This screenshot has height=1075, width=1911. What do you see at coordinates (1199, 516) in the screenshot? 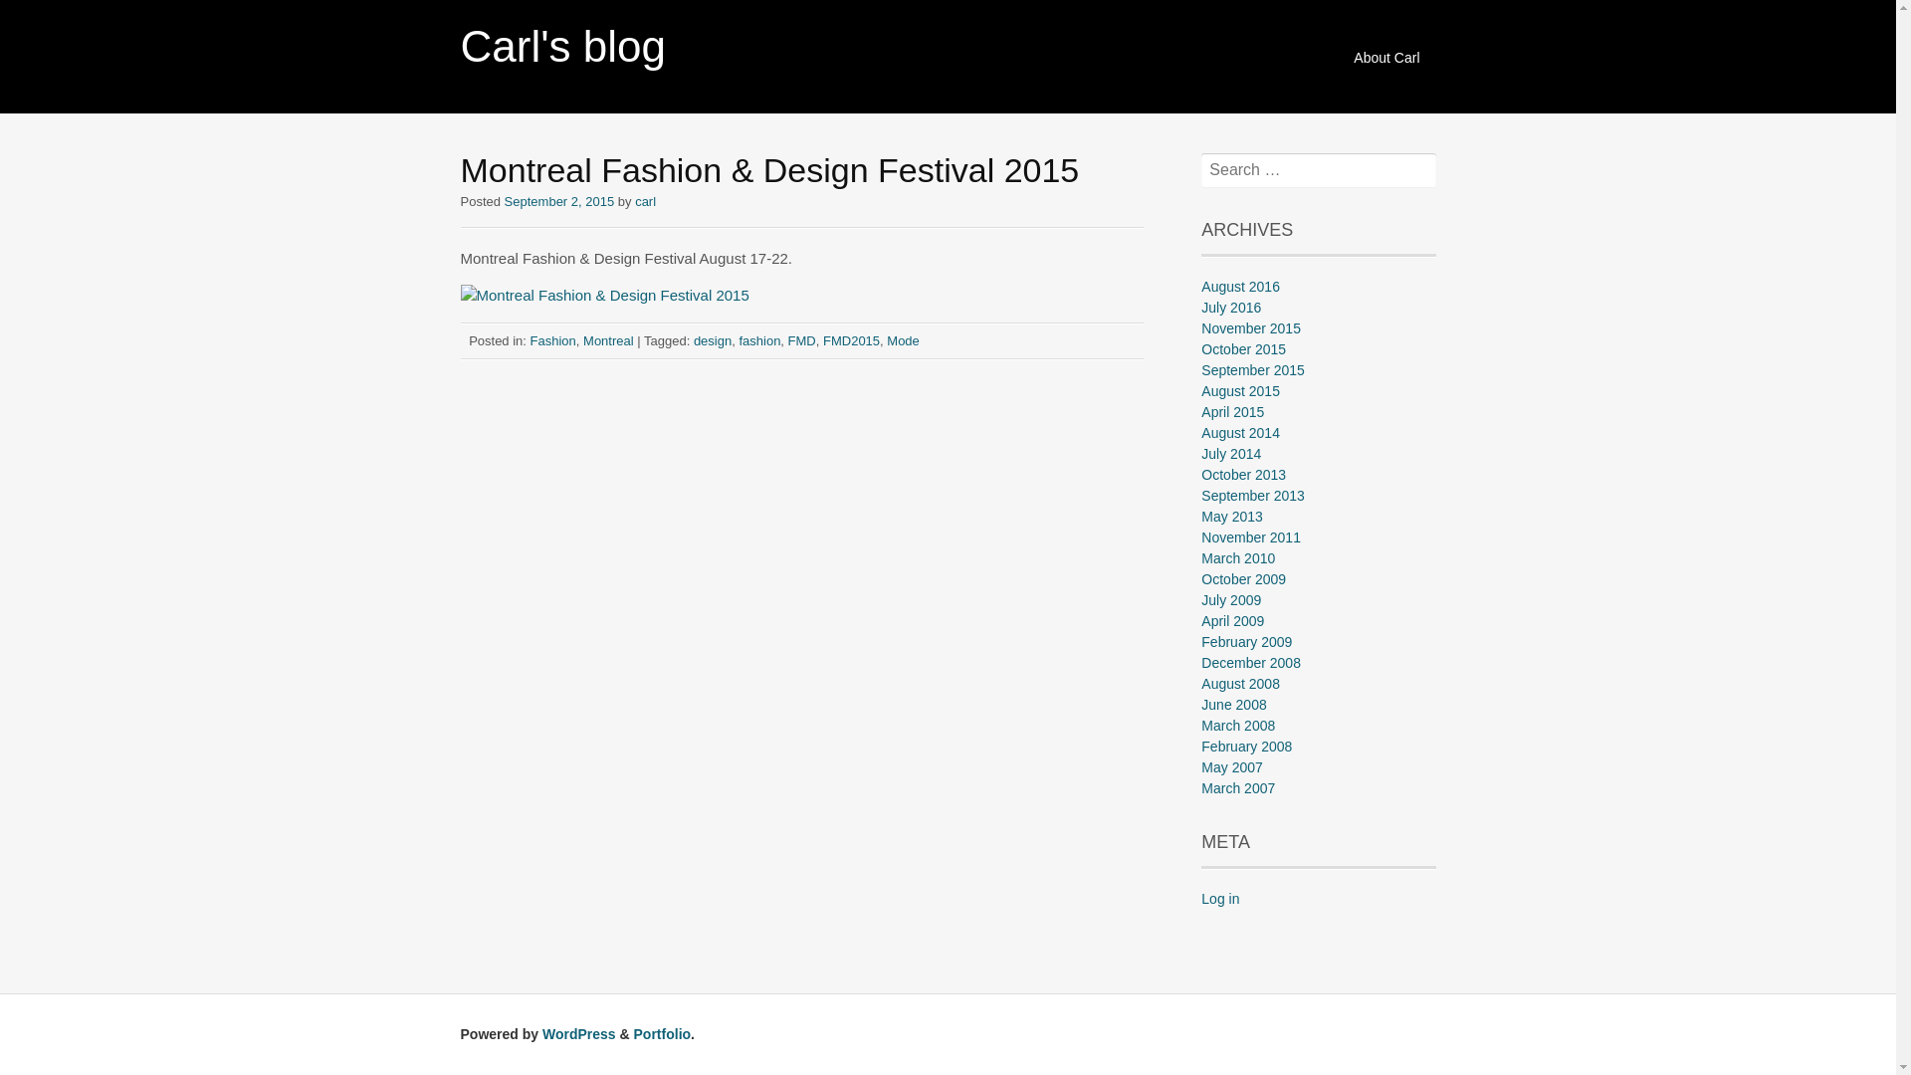
I see `'May 2013'` at bounding box center [1199, 516].